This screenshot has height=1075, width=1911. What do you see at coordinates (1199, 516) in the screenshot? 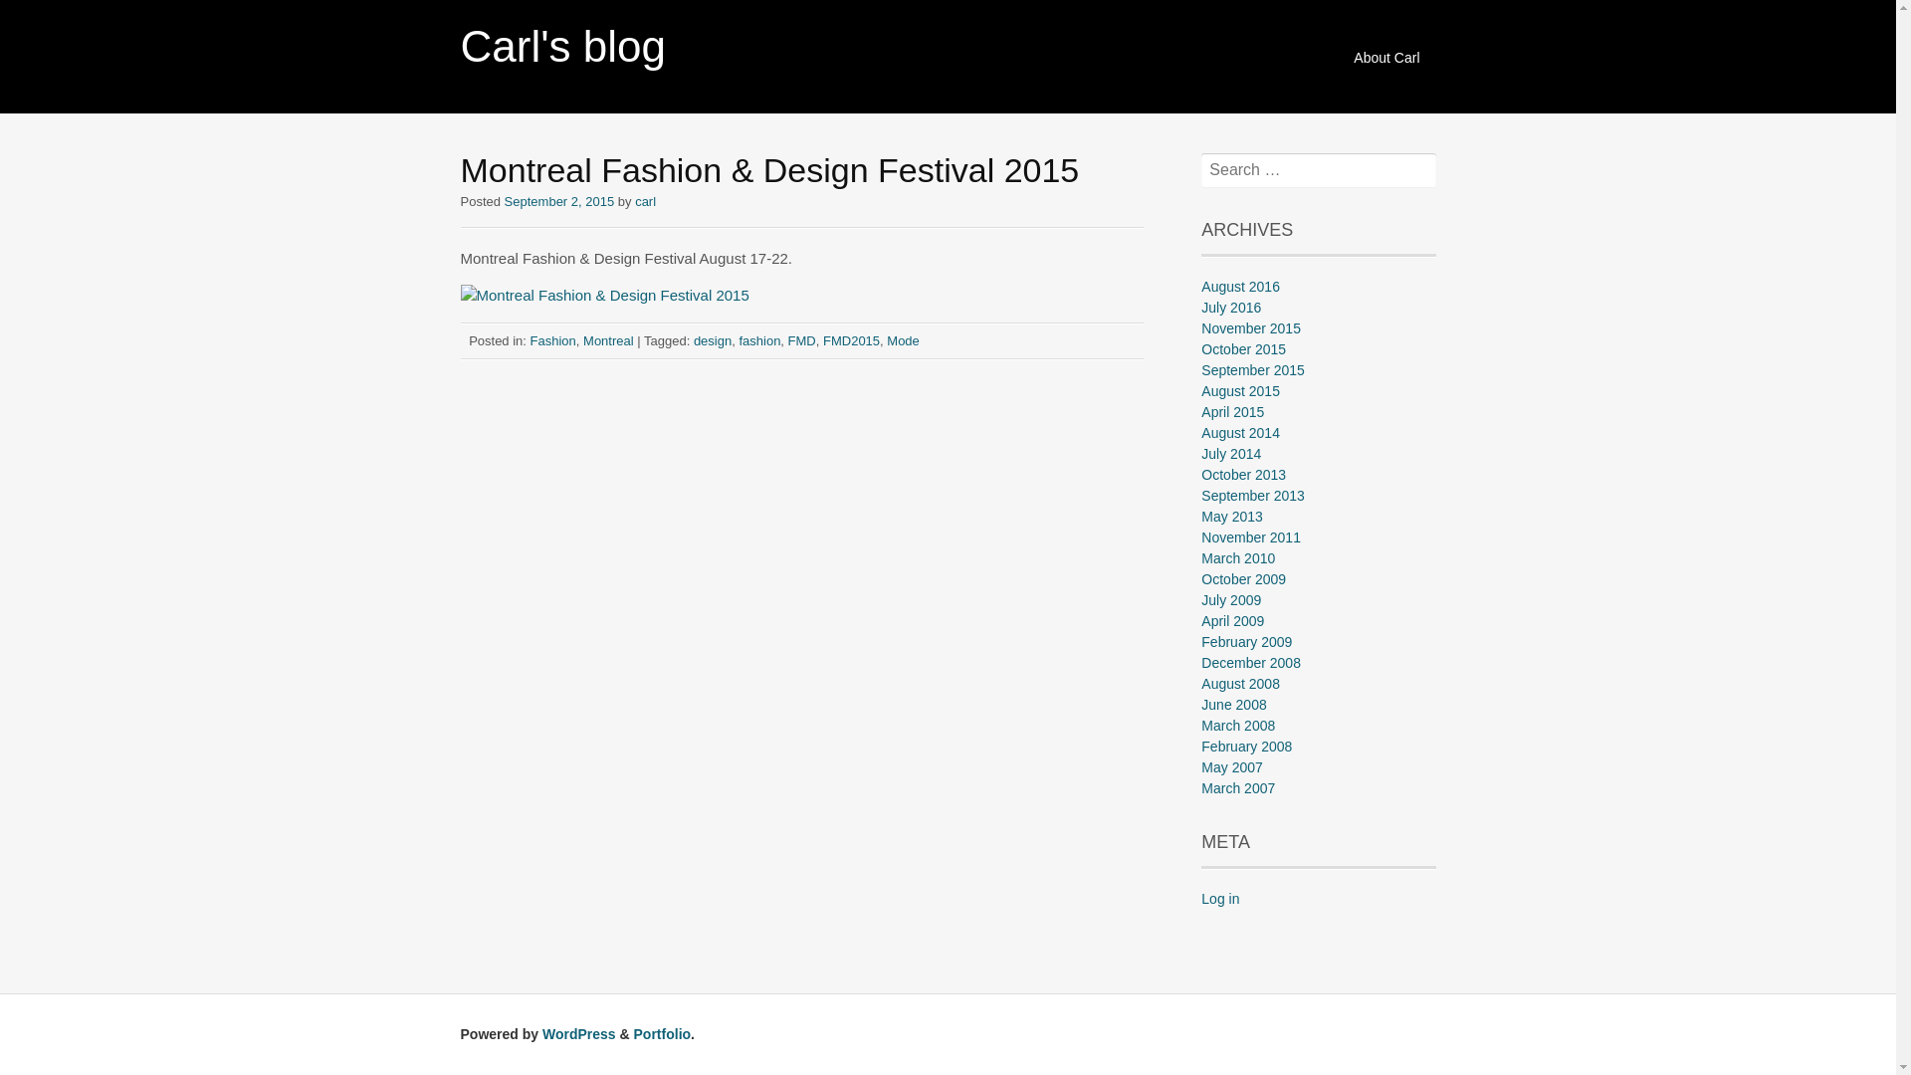
I see `'May 2013'` at bounding box center [1199, 516].